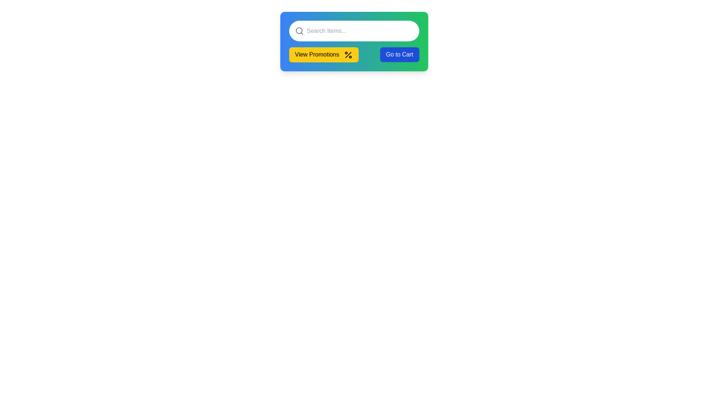 The height and width of the screenshot is (399, 710). I want to click on the 'View Promotions' button with a yellow background and rounded edges, so click(324, 54).